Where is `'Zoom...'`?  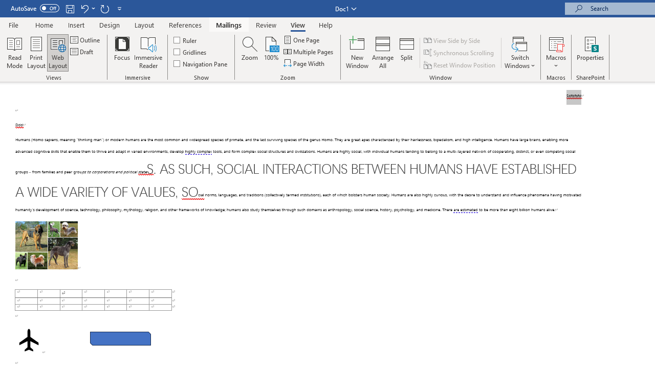
'Zoom...' is located at coordinates (250, 53).